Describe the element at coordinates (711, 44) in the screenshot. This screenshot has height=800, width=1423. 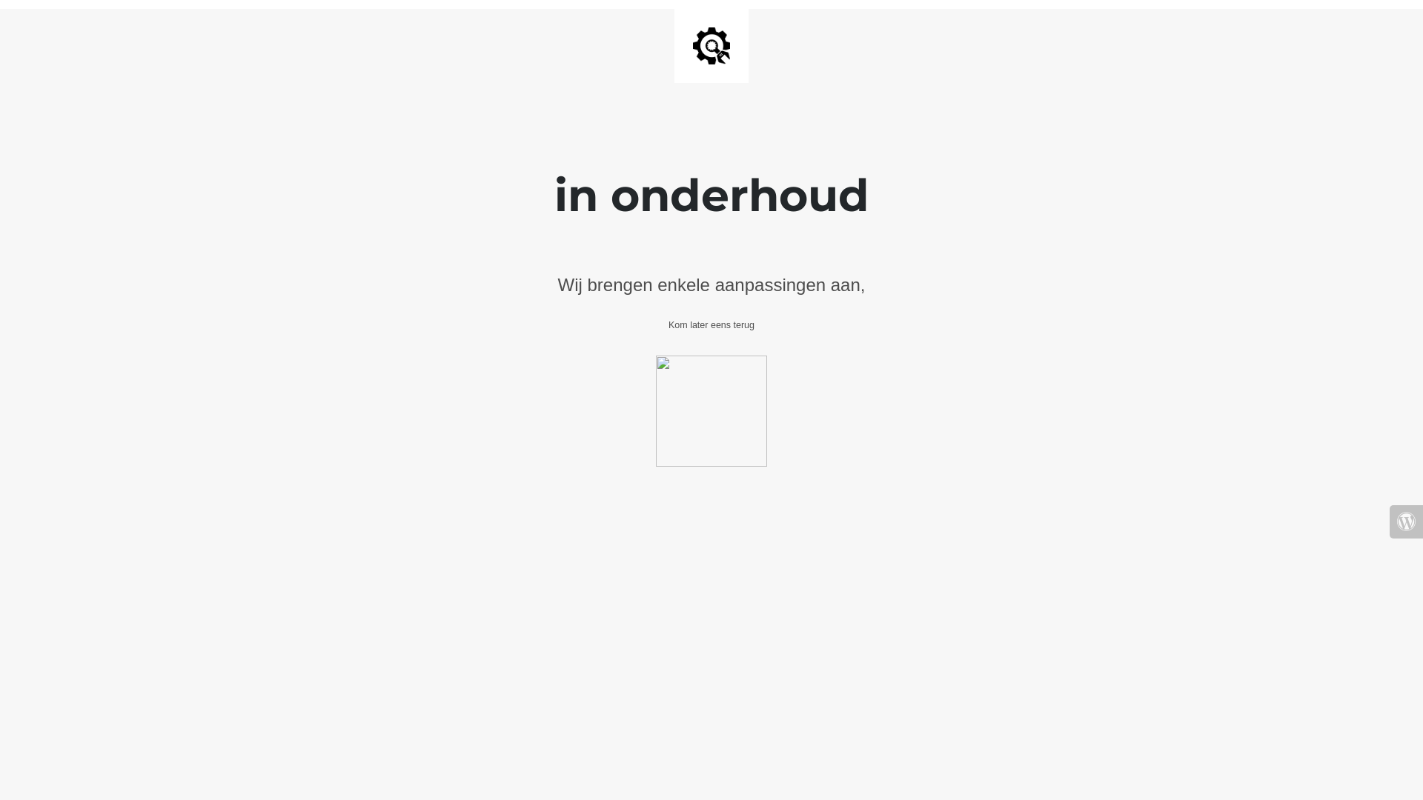
I see `'Site is Under Construction'` at that location.